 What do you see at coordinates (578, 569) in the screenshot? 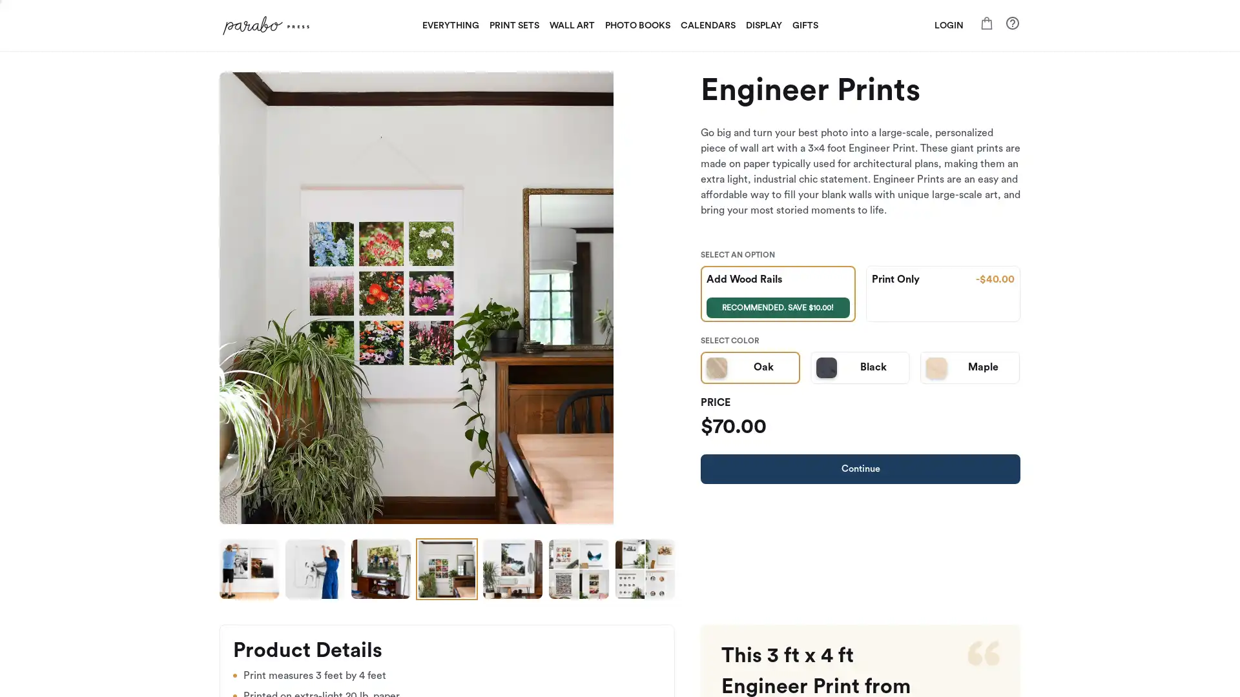
I see `slide dot` at bounding box center [578, 569].